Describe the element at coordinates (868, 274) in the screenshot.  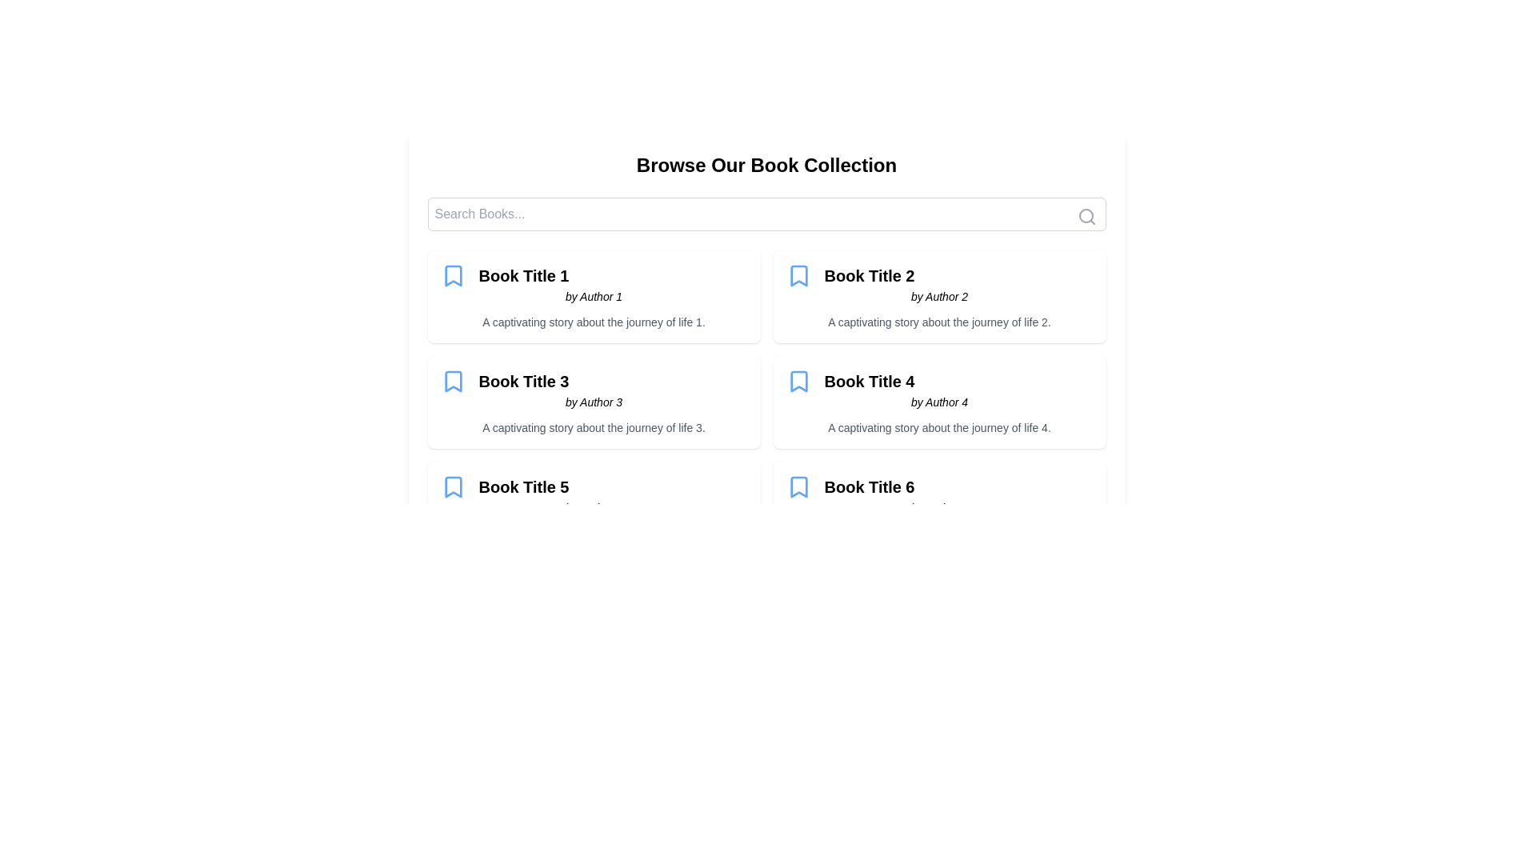
I see `title displayed in the text label of the second book entry, located in the top row and rightmost column of the grid layout` at that location.